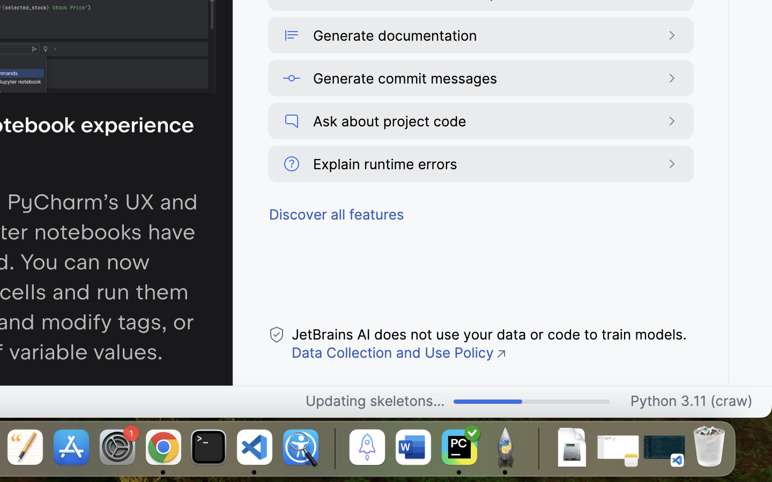  What do you see at coordinates (375, 401) in the screenshot?
I see `'Updating skeletons...'` at bounding box center [375, 401].